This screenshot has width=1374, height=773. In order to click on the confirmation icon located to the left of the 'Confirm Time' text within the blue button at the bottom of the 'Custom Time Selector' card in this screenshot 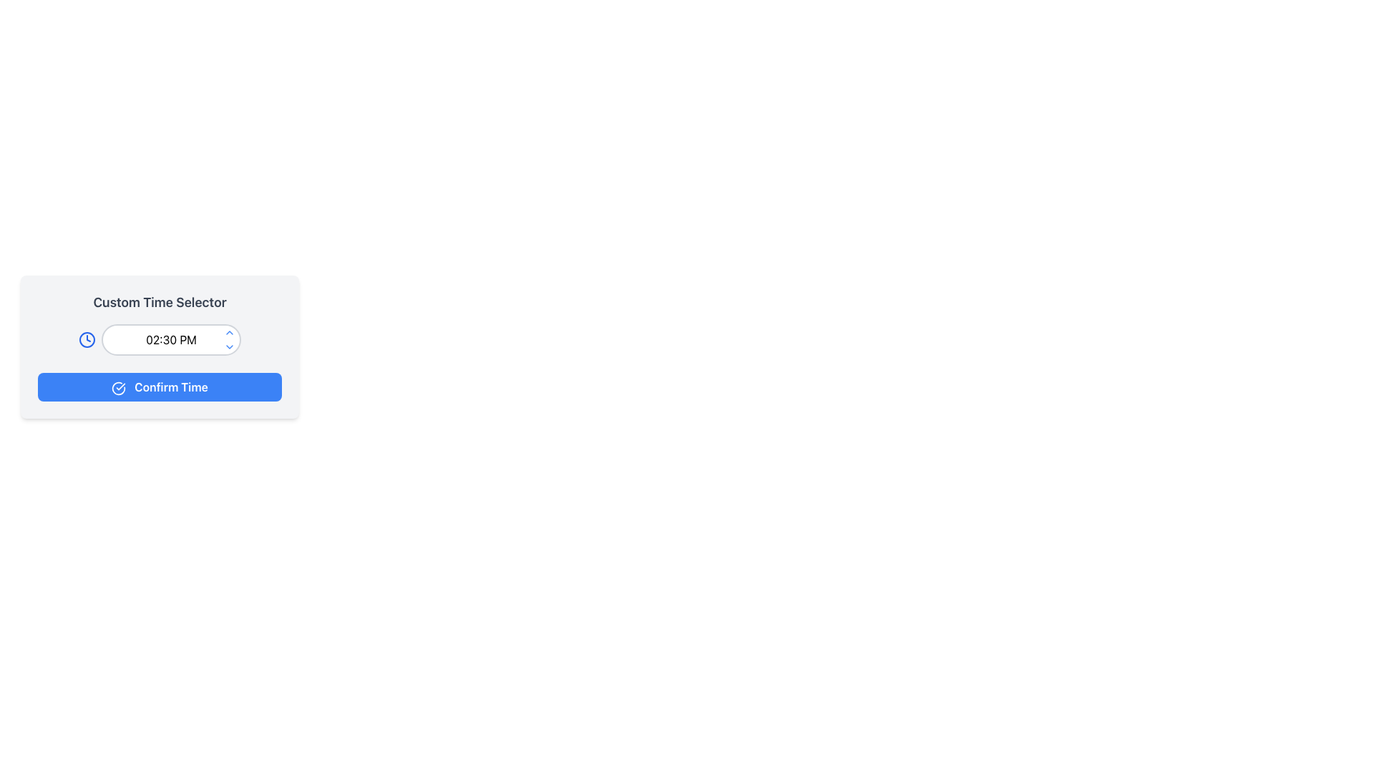, I will do `click(119, 388)`.